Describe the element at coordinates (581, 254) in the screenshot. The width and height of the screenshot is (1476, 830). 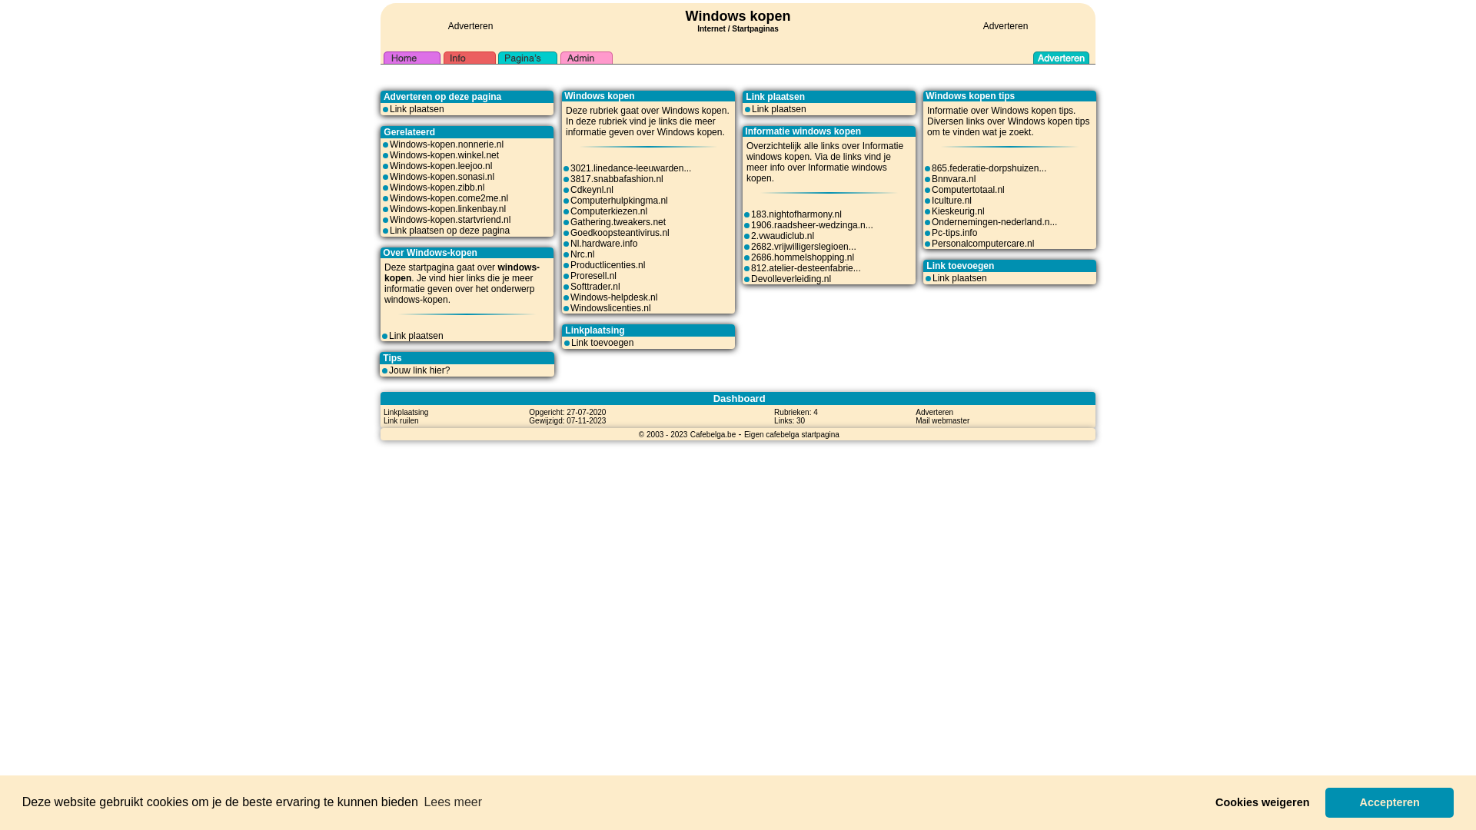
I see `'Nrc.nl'` at that location.